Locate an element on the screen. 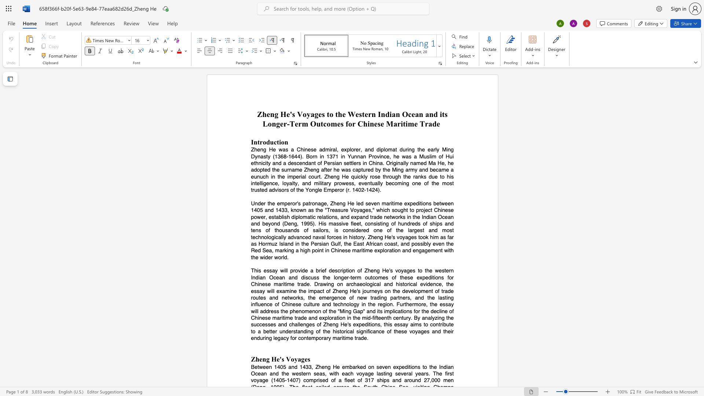 The image size is (704, 396). the subset text "f the historical significance of these voyage" within the text "This essay will provide a brief description of Zheng He" is located at coordinates (319, 331).